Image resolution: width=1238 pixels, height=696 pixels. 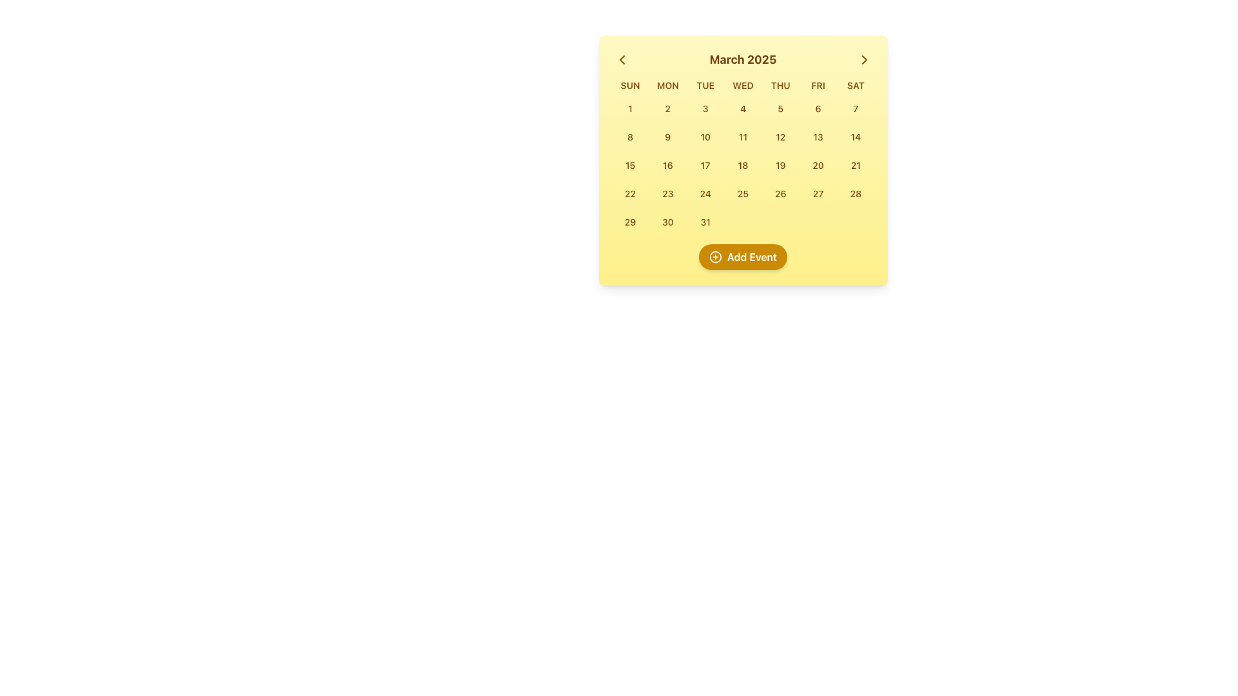 I want to click on the clickable date cell displaying '21' in the calendar grid, so click(x=856, y=165).